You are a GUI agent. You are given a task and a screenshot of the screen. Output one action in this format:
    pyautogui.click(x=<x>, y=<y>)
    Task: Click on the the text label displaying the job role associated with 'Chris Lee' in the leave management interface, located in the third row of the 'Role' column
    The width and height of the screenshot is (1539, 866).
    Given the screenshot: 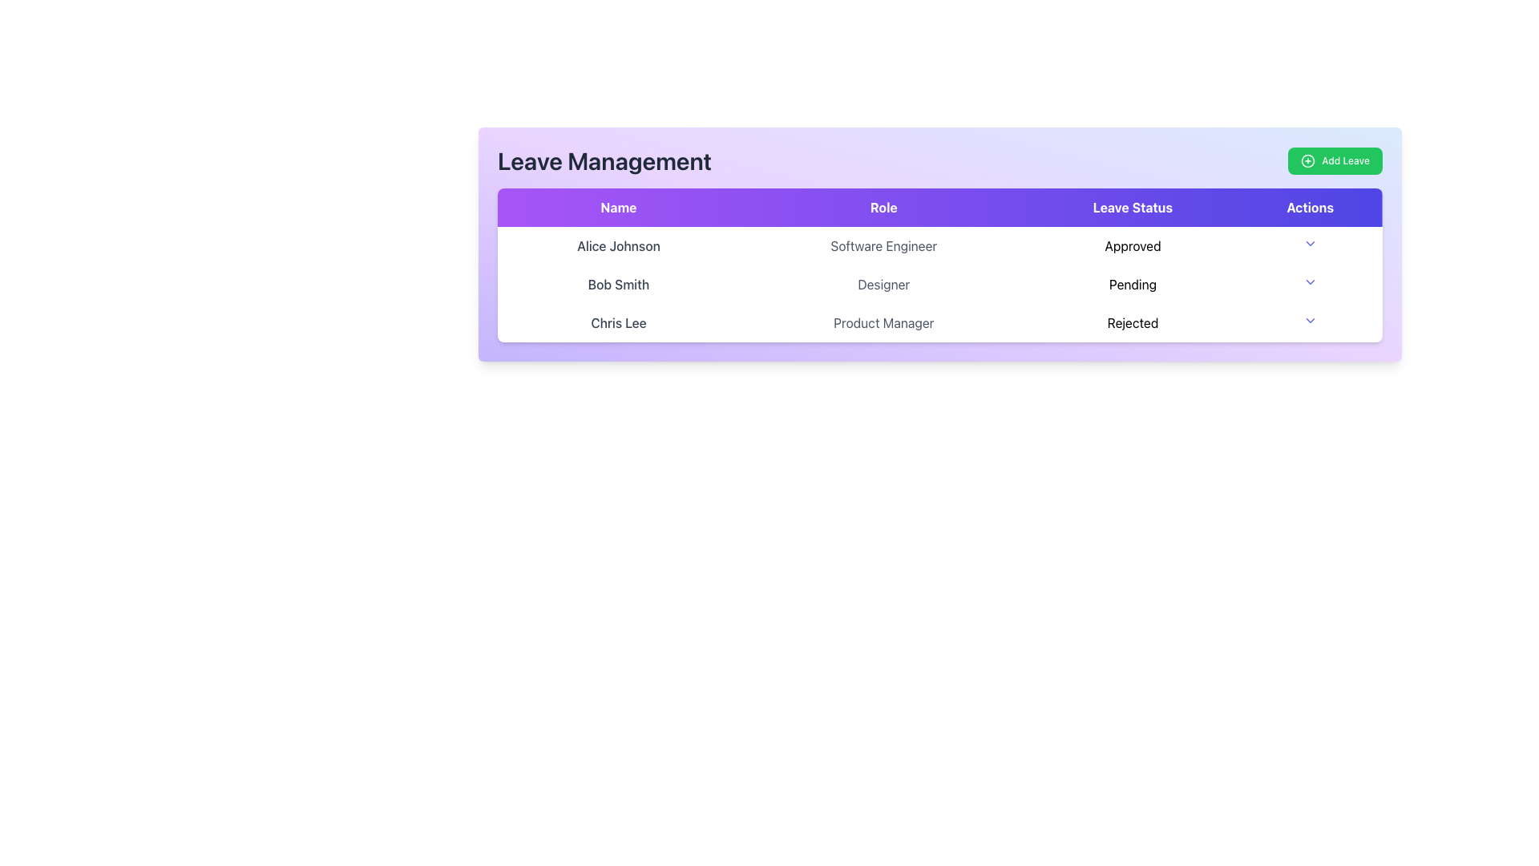 What is the action you would take?
    pyautogui.click(x=883, y=322)
    